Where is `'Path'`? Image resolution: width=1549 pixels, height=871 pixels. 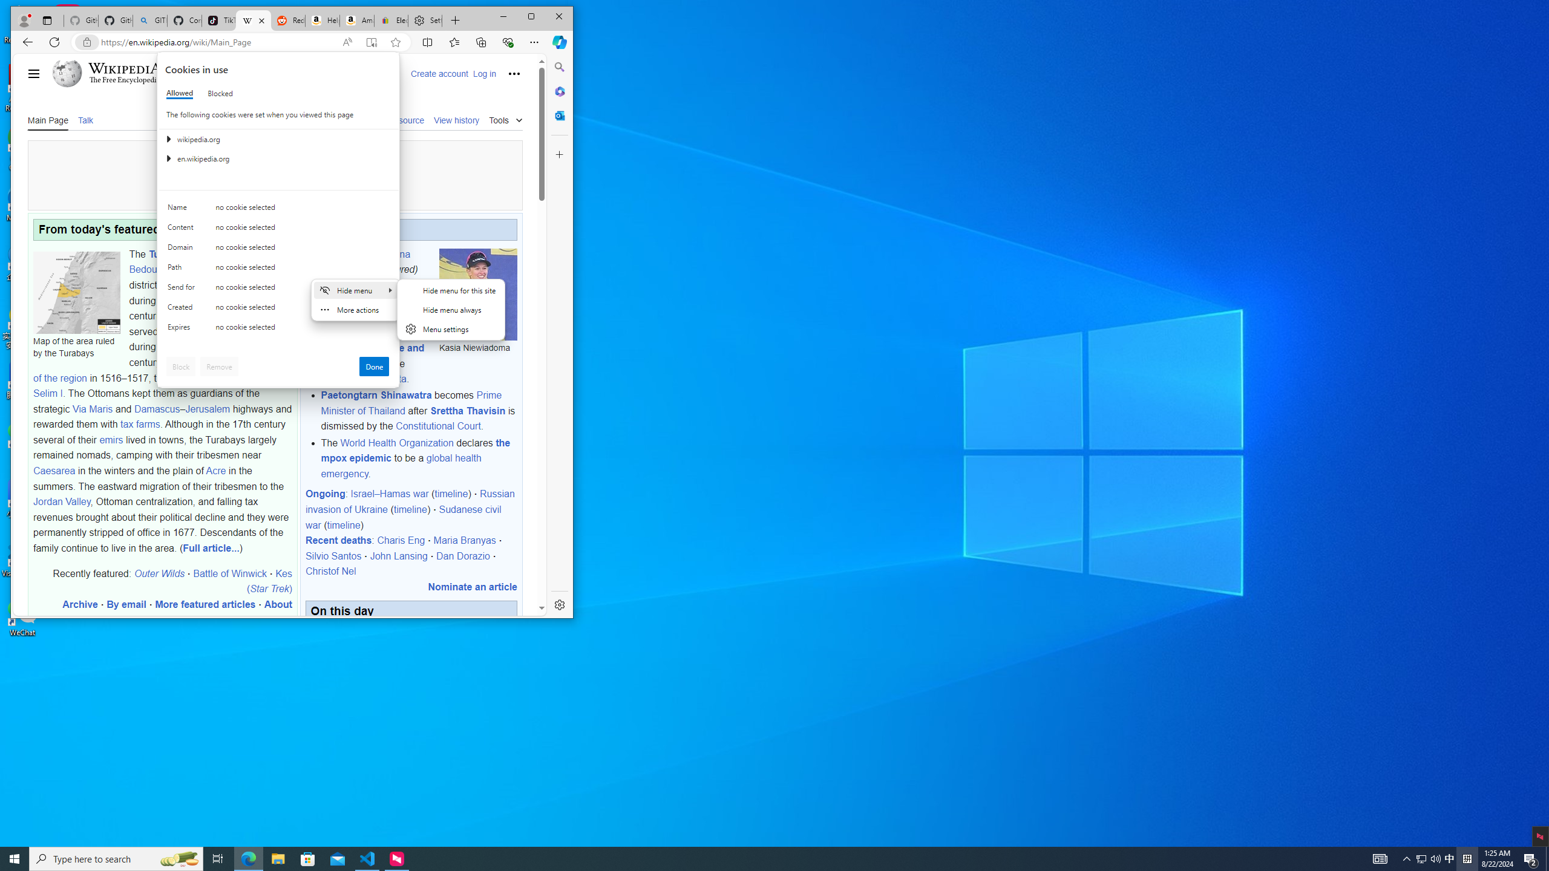
'Path' is located at coordinates (183, 269).